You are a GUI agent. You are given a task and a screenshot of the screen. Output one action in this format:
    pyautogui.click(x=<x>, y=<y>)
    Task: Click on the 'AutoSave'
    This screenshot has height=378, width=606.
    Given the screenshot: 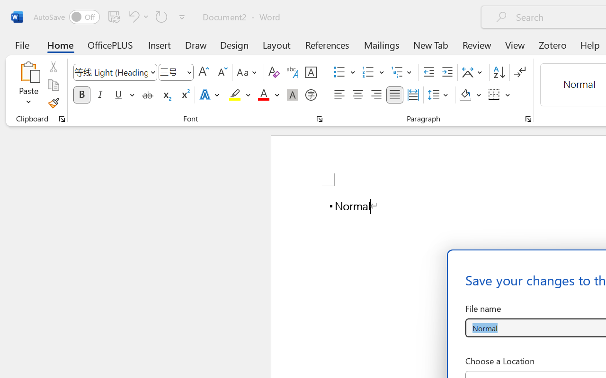 What is the action you would take?
    pyautogui.click(x=66, y=17)
    